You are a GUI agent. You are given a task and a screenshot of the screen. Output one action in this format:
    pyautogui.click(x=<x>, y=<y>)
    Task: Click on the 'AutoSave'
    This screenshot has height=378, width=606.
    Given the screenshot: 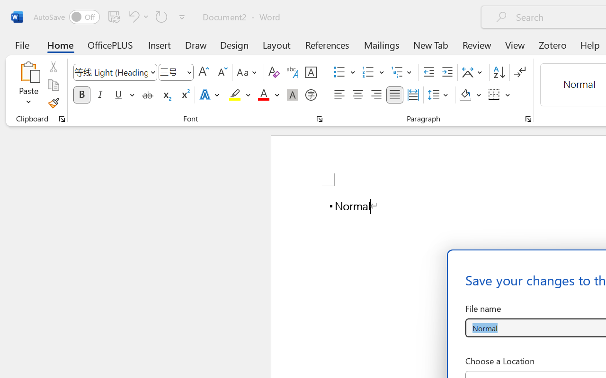 What is the action you would take?
    pyautogui.click(x=66, y=17)
    